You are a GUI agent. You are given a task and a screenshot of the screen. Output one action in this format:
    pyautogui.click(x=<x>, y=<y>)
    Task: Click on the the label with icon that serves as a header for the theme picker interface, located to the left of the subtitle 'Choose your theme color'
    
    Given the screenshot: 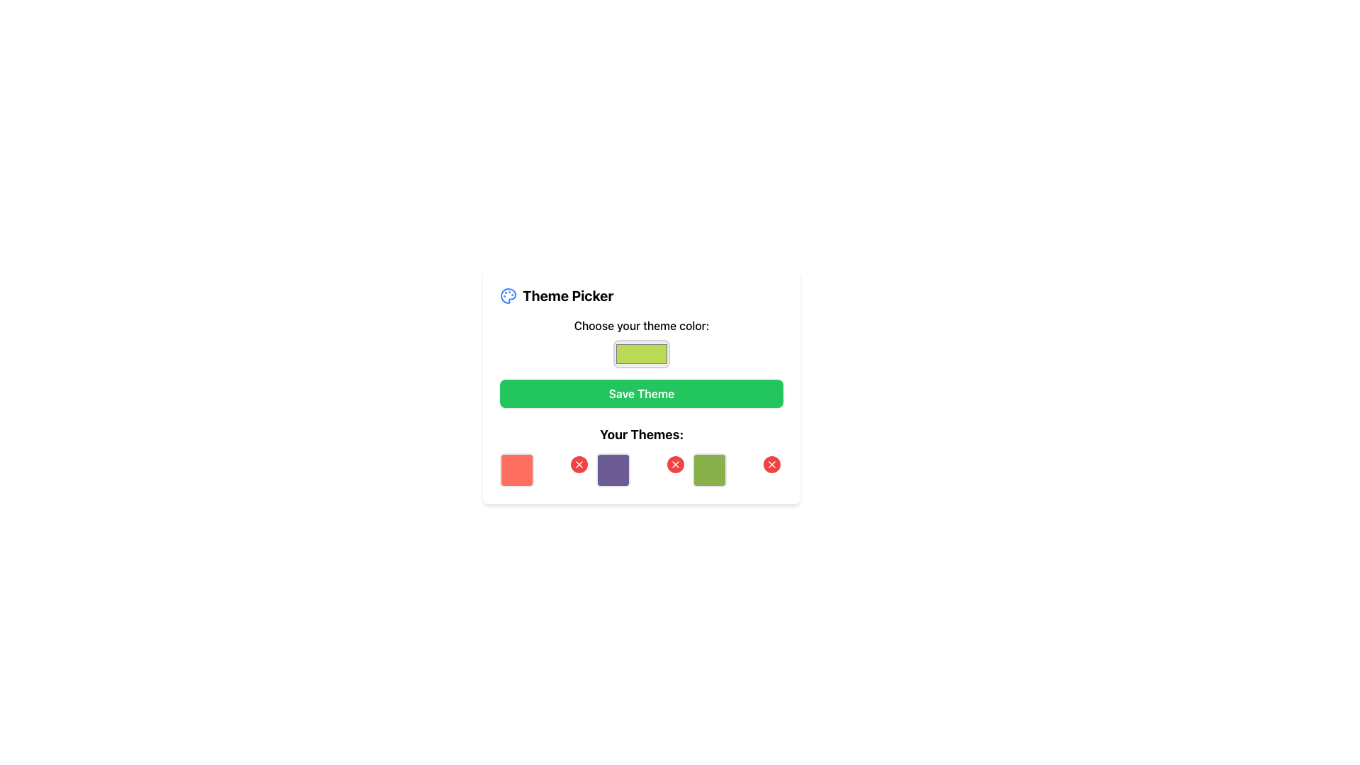 What is the action you would take?
    pyautogui.click(x=556, y=295)
    